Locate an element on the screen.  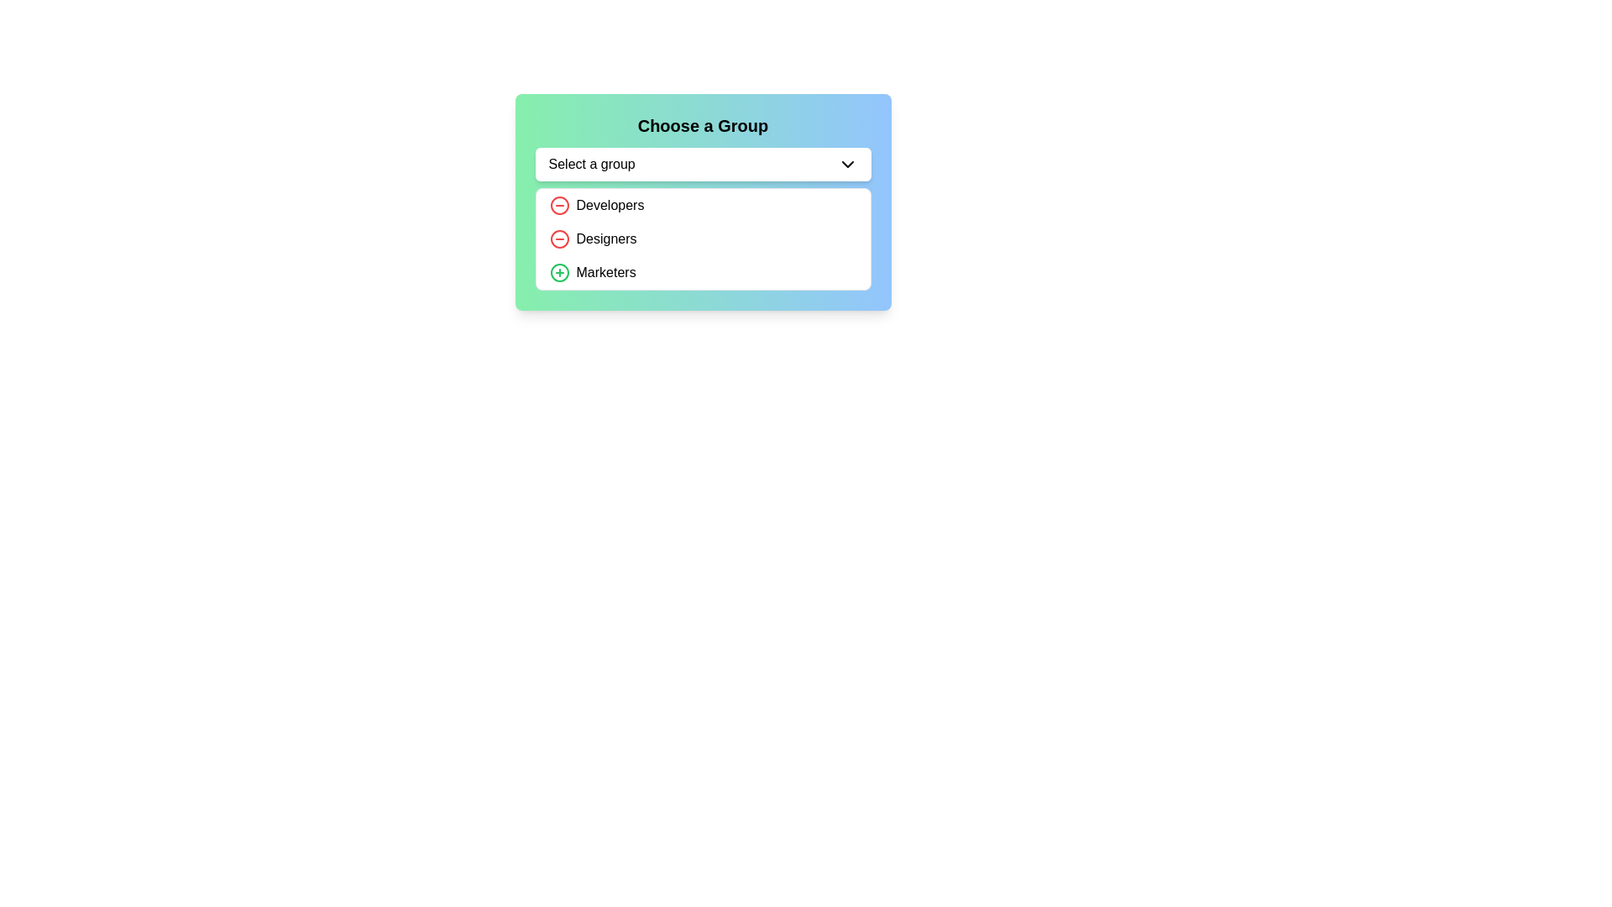
the circular outline SVG element that is part of the 'Add' icon located in the 'Marketers' row of the dropdown list under 'Choose a Group.' is located at coordinates (559, 271).